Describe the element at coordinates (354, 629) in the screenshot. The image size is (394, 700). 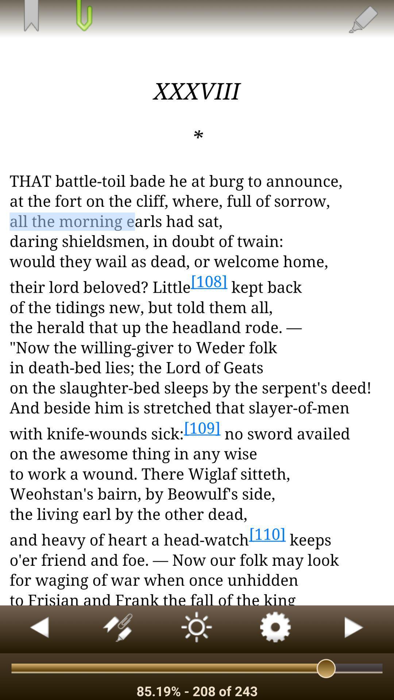
I see `next page` at that location.